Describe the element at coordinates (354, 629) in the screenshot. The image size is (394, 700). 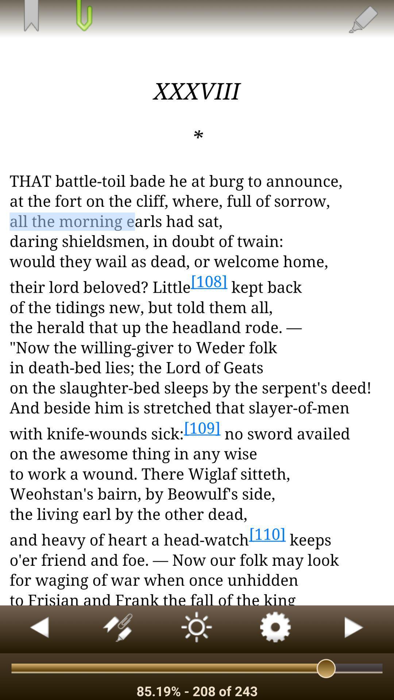
I see `next page` at that location.